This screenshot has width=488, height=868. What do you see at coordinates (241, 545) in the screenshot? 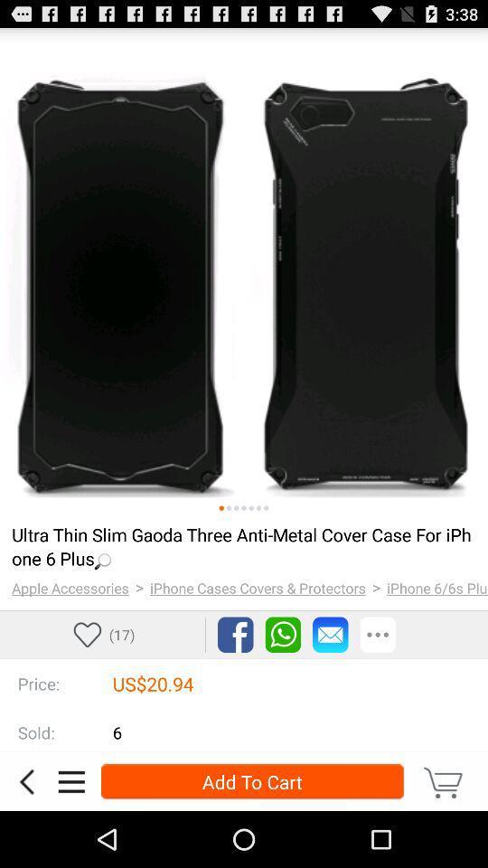
I see `the loading... item` at bounding box center [241, 545].